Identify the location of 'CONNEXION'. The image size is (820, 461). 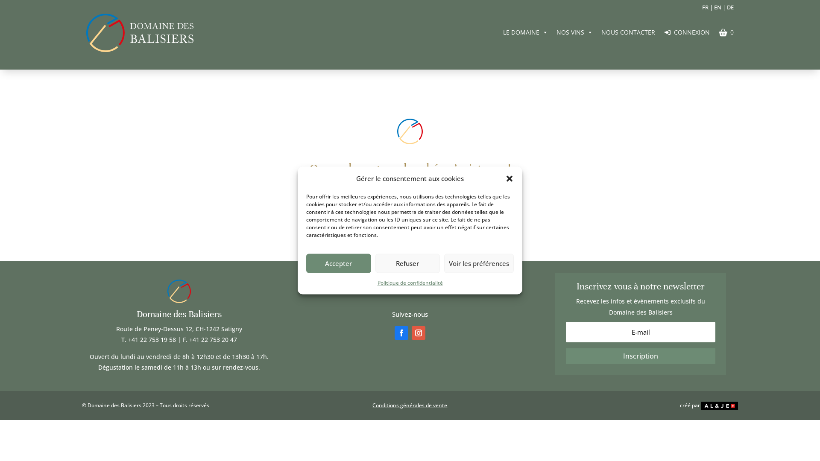
(687, 31).